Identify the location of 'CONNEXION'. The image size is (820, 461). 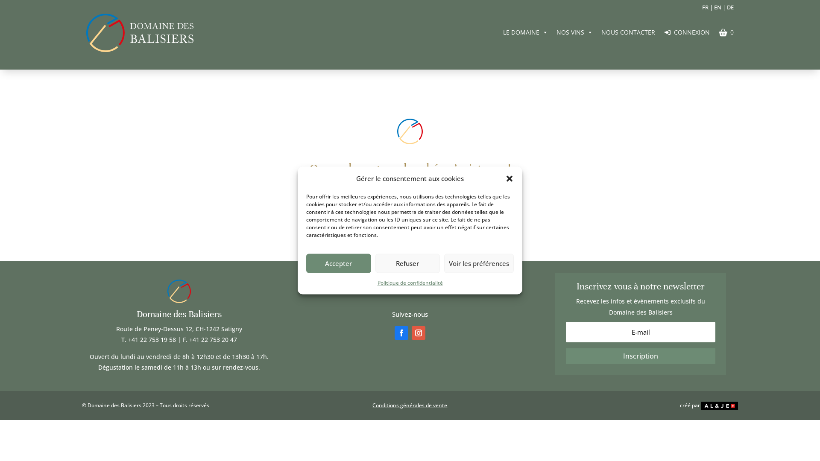
(687, 31).